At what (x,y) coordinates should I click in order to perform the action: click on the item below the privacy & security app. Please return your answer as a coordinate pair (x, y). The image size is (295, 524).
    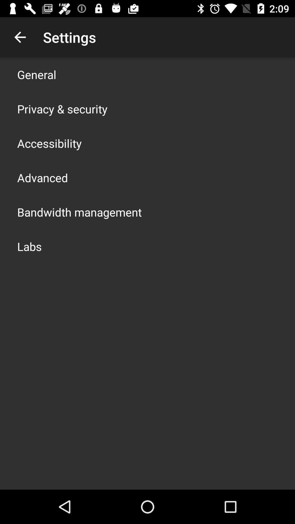
    Looking at the image, I should click on (49, 143).